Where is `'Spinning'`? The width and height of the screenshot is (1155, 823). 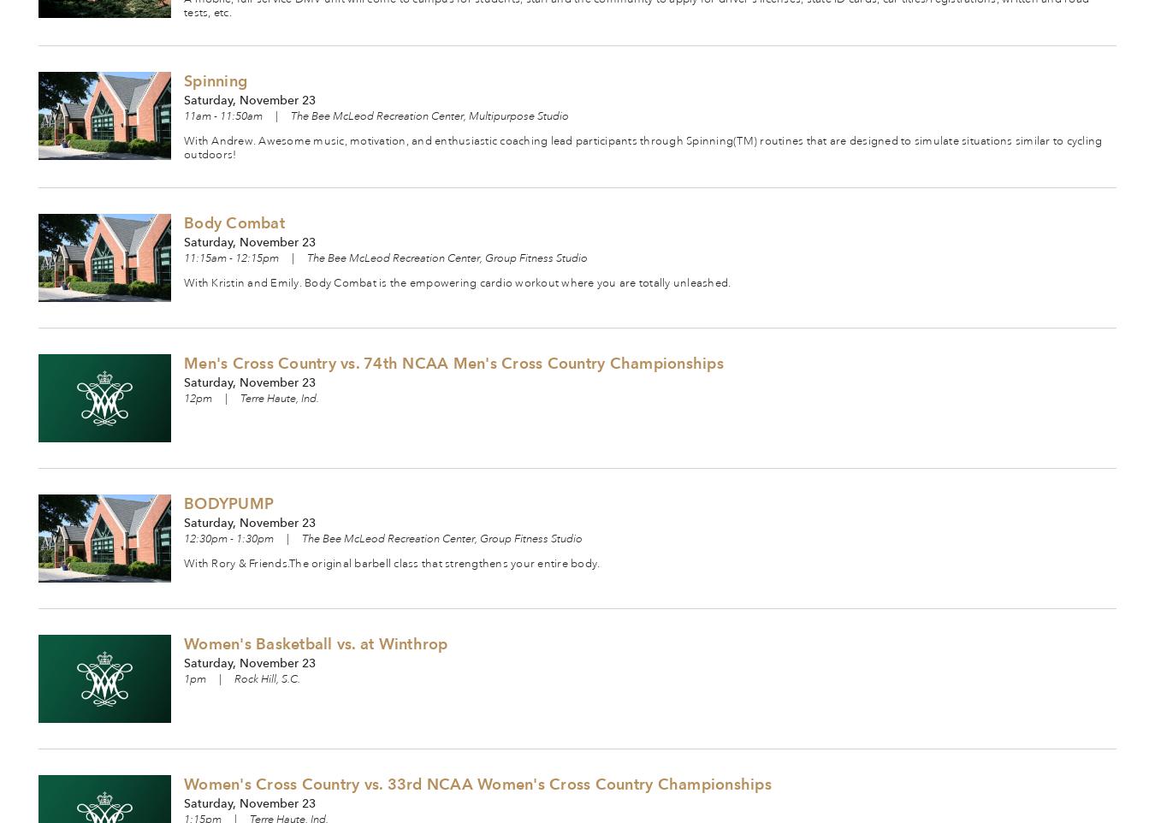
'Spinning' is located at coordinates (215, 80).